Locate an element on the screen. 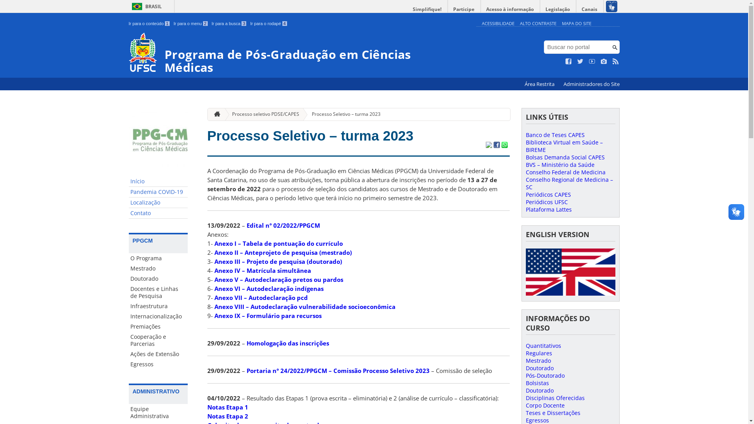 The image size is (754, 424). 'Disciplinas Oferecidas' is located at coordinates (525, 398).